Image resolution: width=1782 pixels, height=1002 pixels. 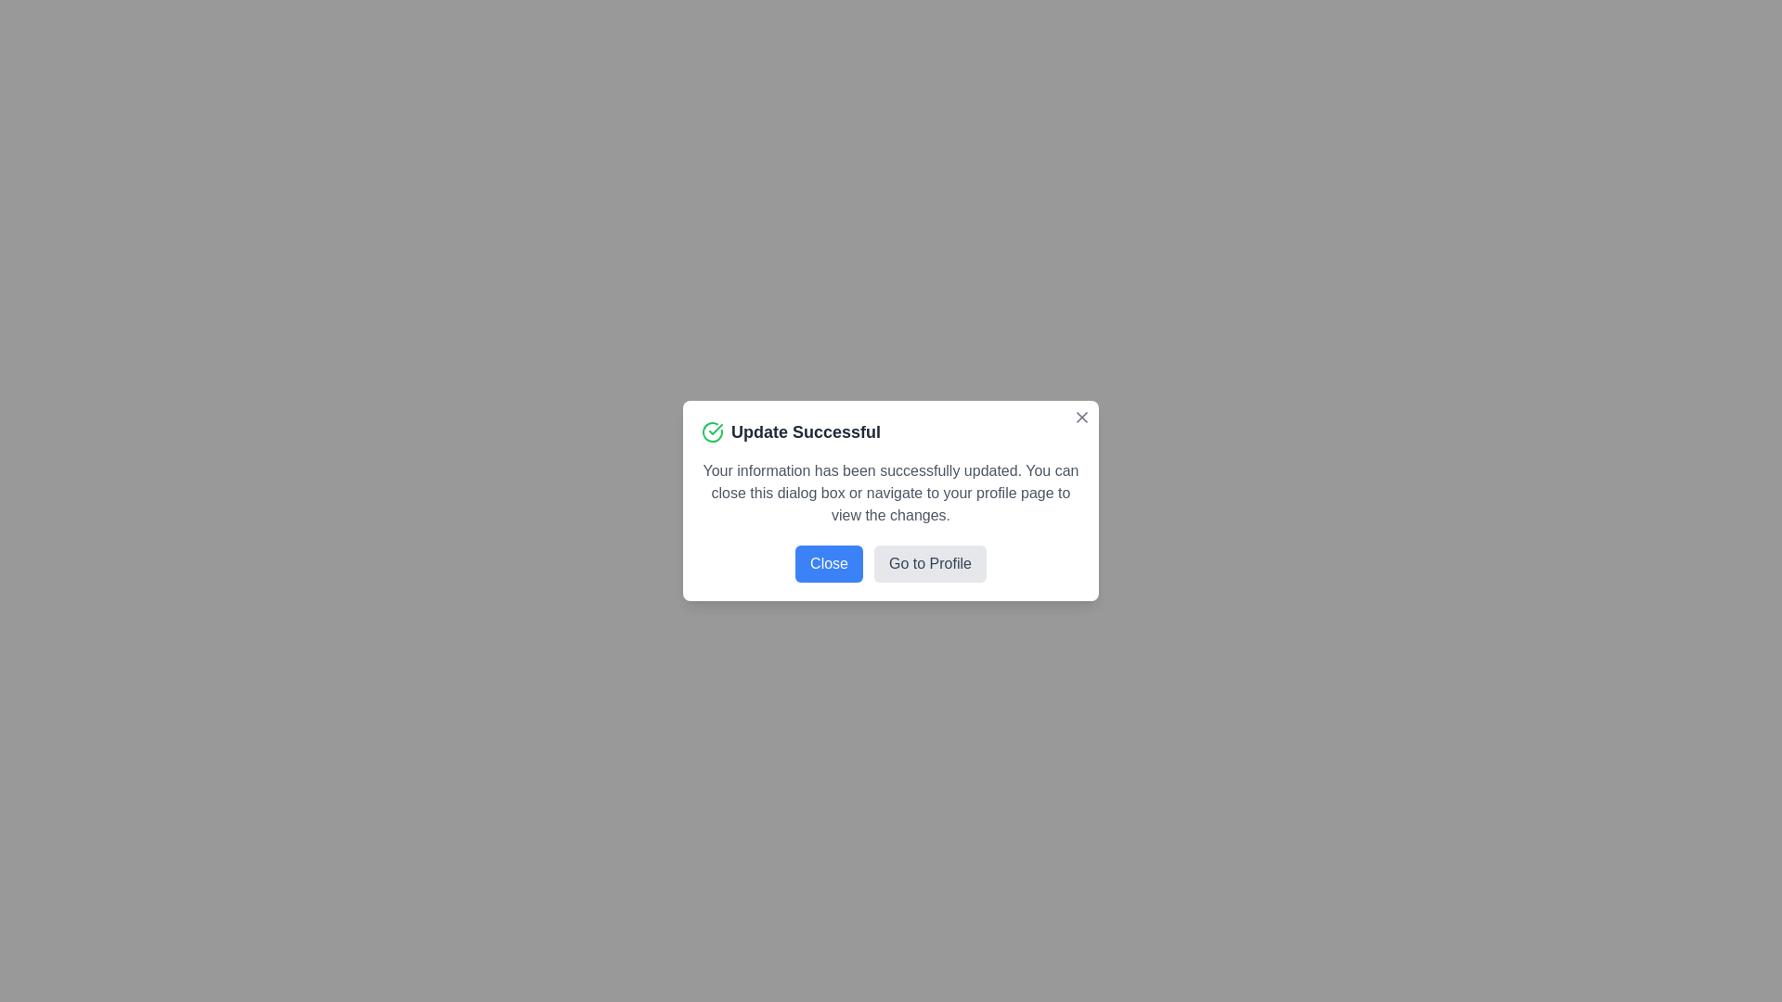 What do you see at coordinates (1082, 417) in the screenshot?
I see `the visual elements by focusing on Close icon` at bounding box center [1082, 417].